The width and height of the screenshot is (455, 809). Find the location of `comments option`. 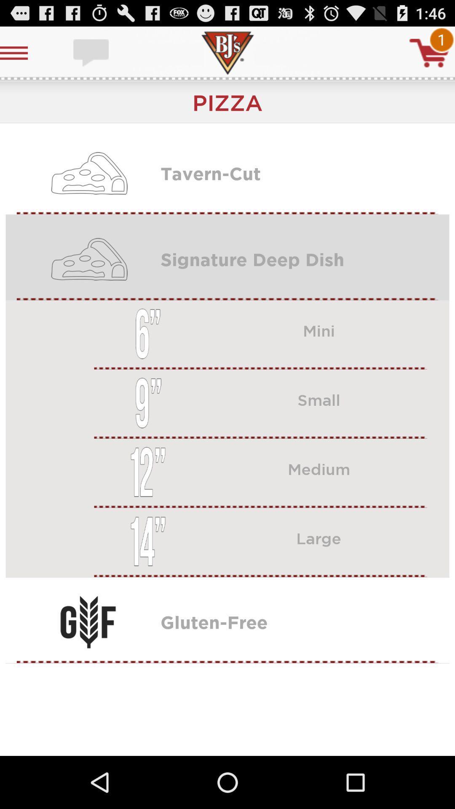

comments option is located at coordinates (92, 52).